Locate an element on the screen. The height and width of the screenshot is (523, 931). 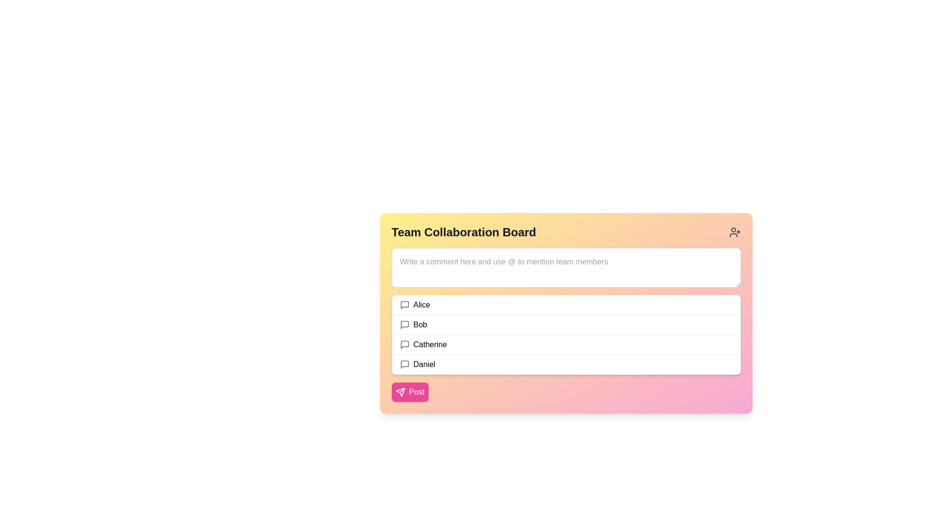
an entry in the List panel labeled 'Alice', 'Bob', 'Catherine', or 'Daniel' is located at coordinates (566, 334).